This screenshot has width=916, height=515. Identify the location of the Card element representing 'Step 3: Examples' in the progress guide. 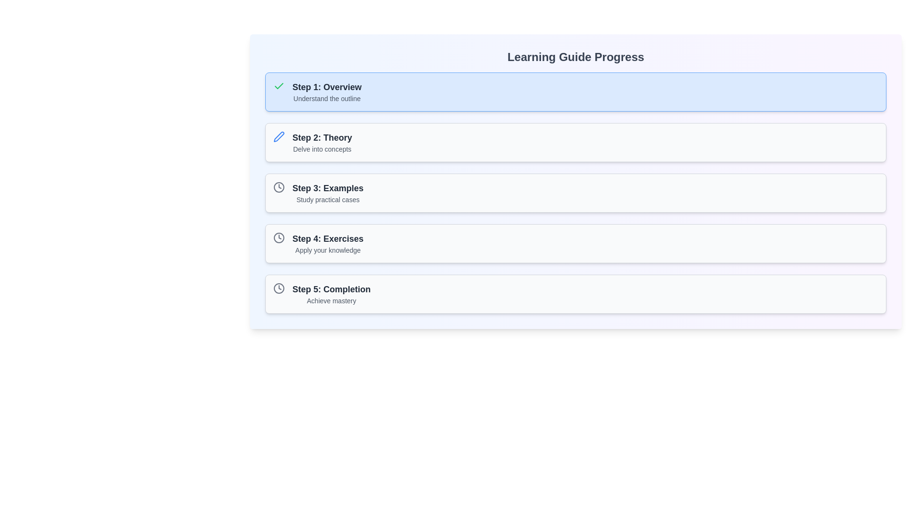
(575, 193).